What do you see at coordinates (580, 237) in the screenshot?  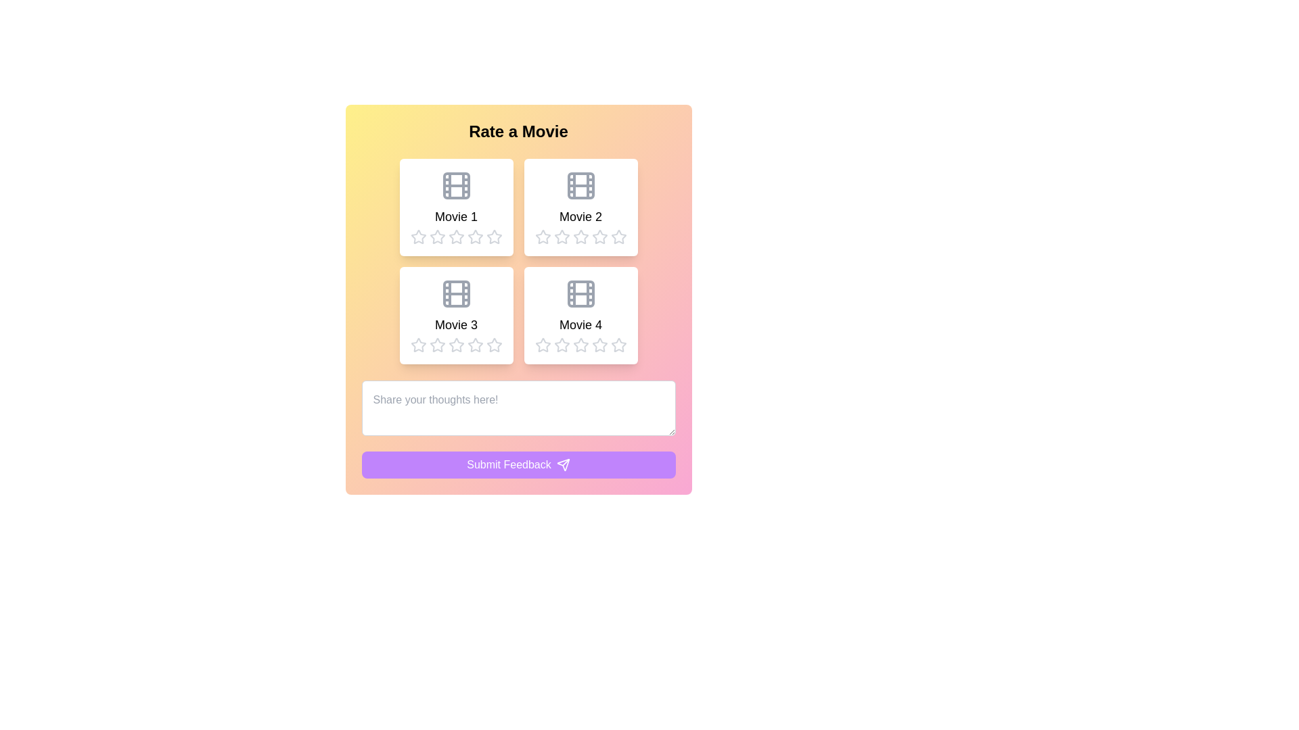 I see `the fourth star-shaped rating button in light gray color, located beneath the 'Movie 2' label in the second column of the top row of movies, to rate it` at bounding box center [580, 237].